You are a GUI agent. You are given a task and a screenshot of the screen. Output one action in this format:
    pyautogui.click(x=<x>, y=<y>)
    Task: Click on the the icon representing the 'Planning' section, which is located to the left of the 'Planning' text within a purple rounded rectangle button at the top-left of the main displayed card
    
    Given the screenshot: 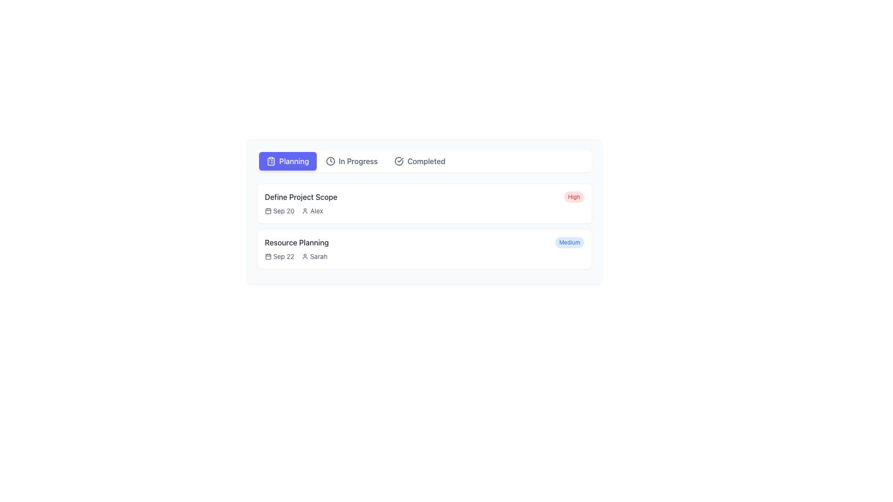 What is the action you would take?
    pyautogui.click(x=270, y=161)
    